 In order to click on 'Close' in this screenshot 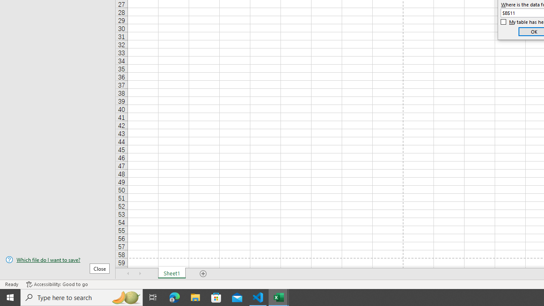, I will do `click(99, 268)`.